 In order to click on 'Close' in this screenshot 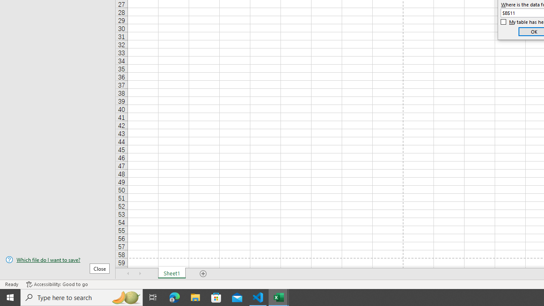, I will do `click(99, 268)`.